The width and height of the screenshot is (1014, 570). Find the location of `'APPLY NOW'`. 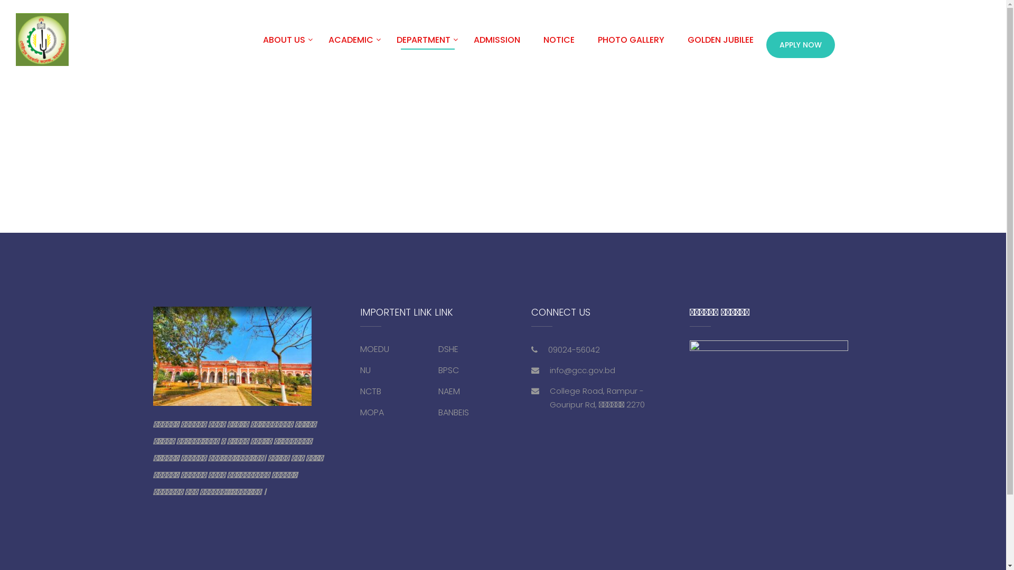

'APPLY NOW' is located at coordinates (766, 44).